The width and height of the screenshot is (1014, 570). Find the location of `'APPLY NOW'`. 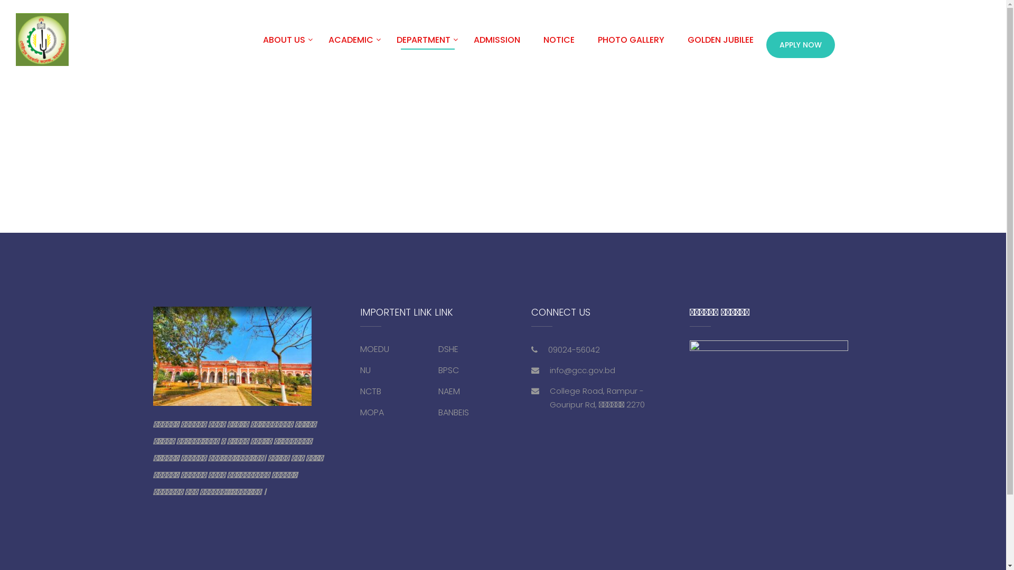

'APPLY NOW' is located at coordinates (766, 44).